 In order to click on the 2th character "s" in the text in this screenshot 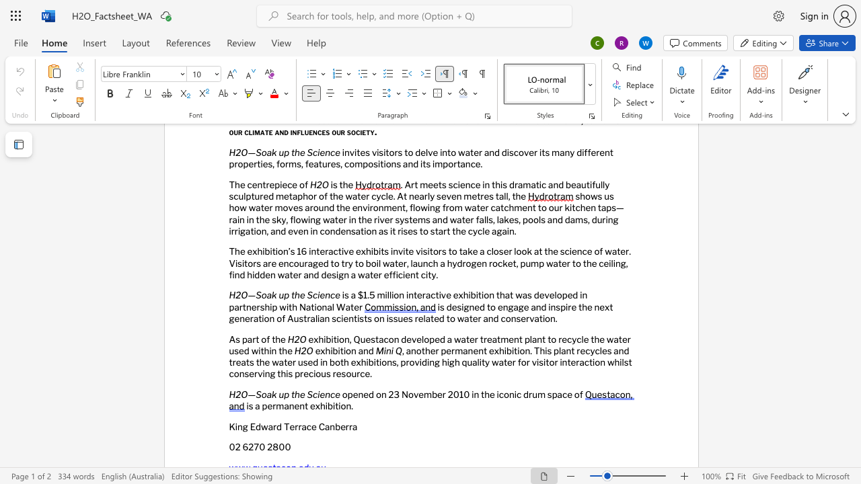, I will do `click(459, 307)`.